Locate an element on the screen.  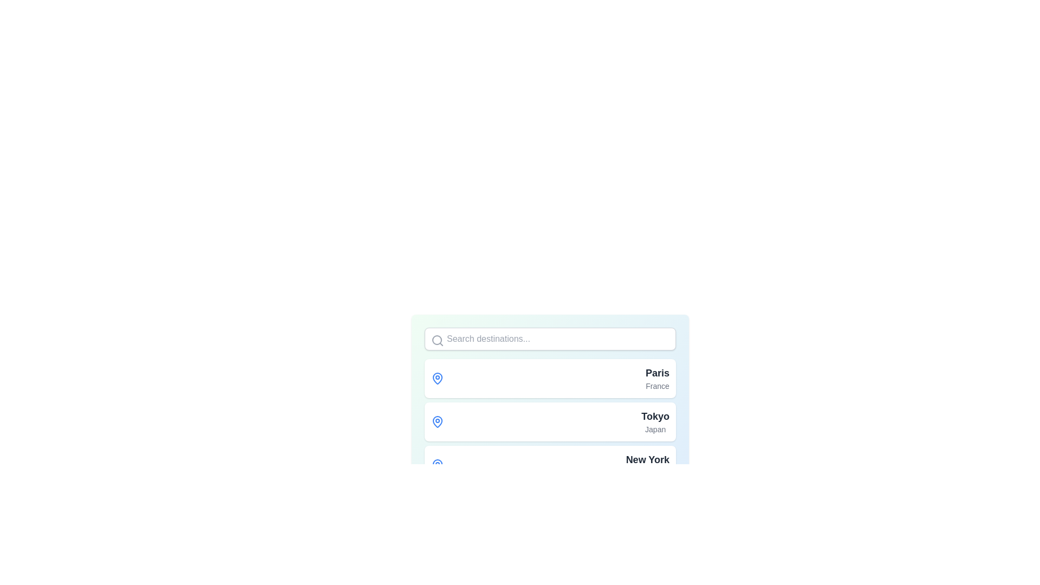
the bold, dark gray text label 'Tokyo' is located at coordinates (655, 415).